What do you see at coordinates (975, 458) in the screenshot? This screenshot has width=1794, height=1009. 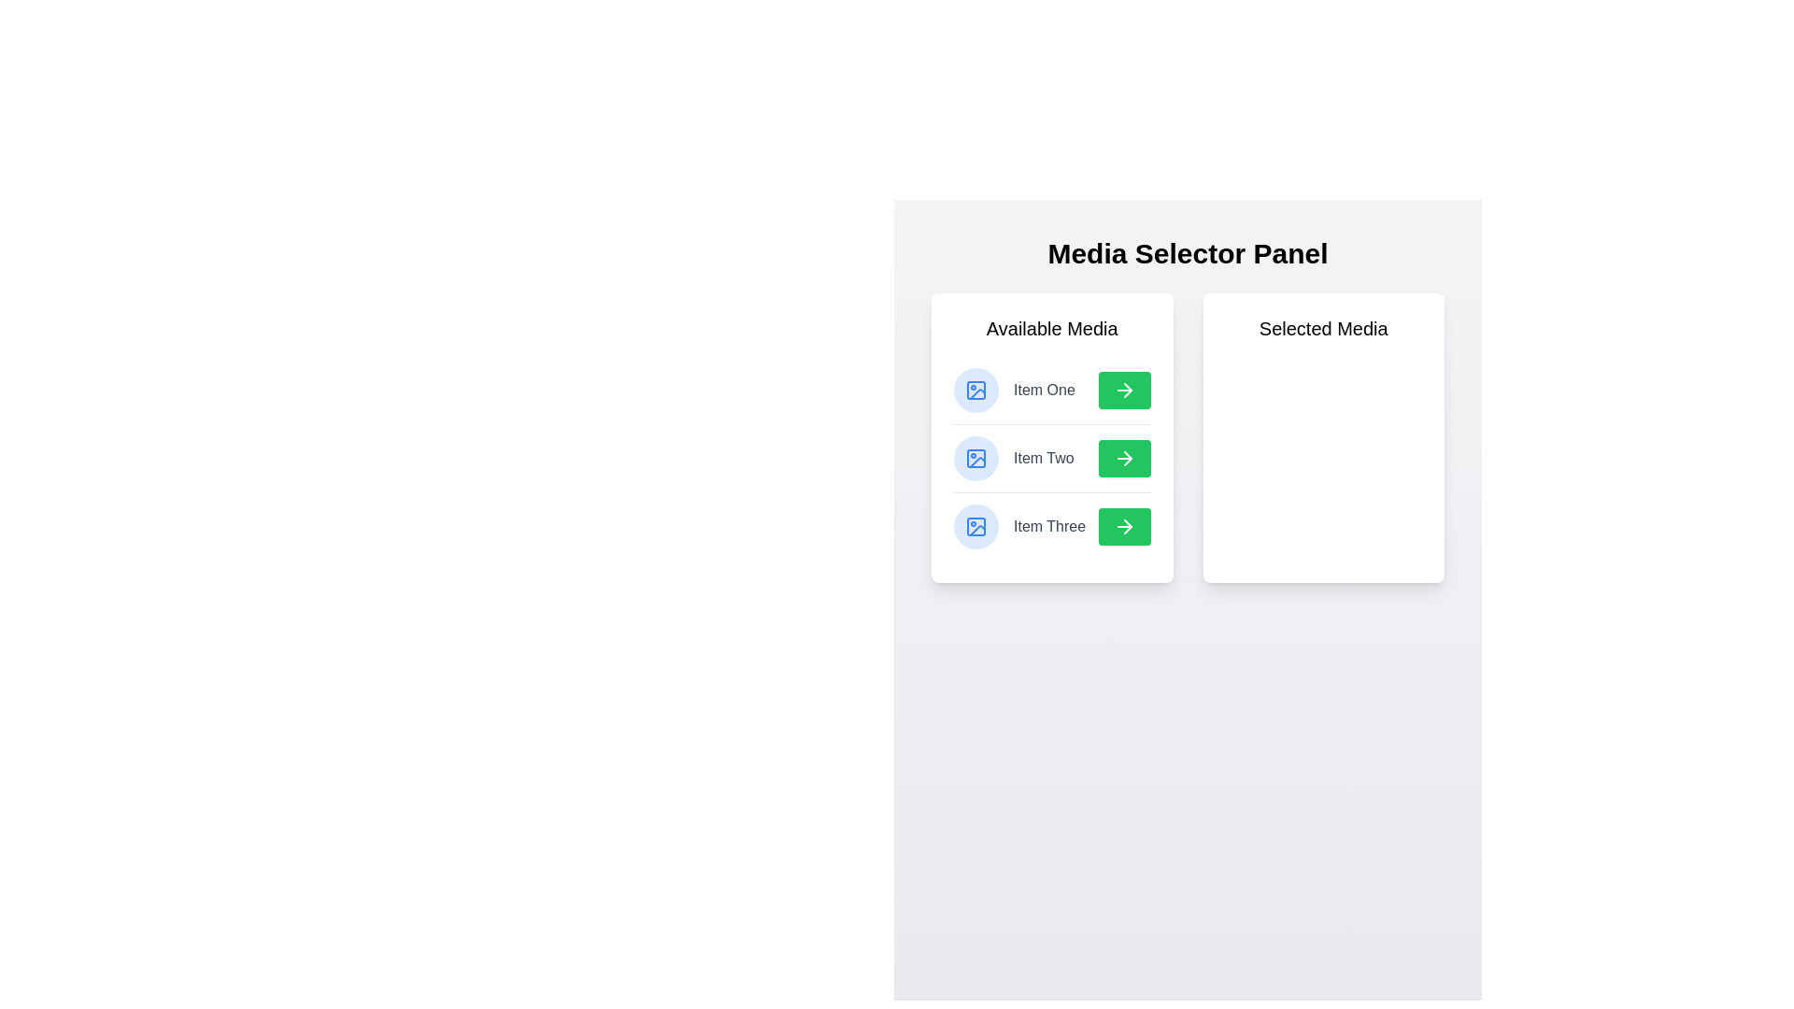 I see `the icon representing 'Item Two' in the 'Available Media' section, which is located to the left of the text label 'Item Two'` at bounding box center [975, 458].